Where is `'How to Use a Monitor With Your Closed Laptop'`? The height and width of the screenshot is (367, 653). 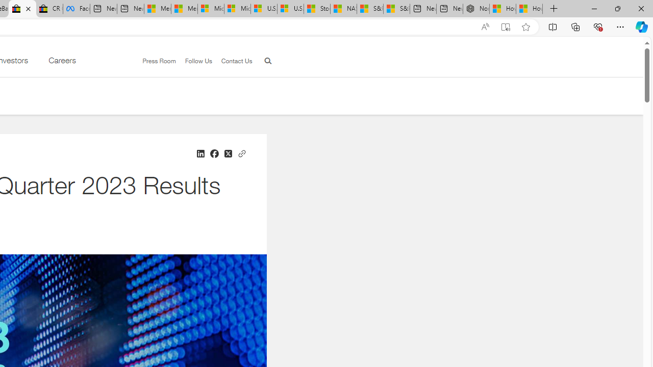 'How to Use a Monitor With Your Closed Laptop' is located at coordinates (530, 9).